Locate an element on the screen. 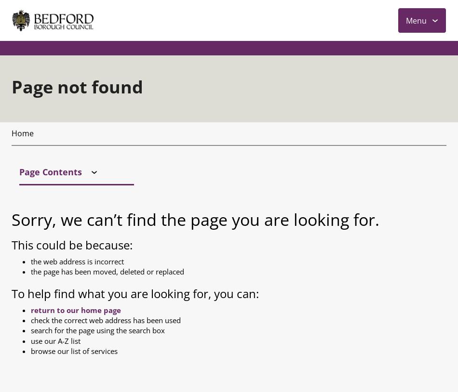 This screenshot has height=392, width=458. 'To help find what you are looking for, you can:' is located at coordinates (135, 88).